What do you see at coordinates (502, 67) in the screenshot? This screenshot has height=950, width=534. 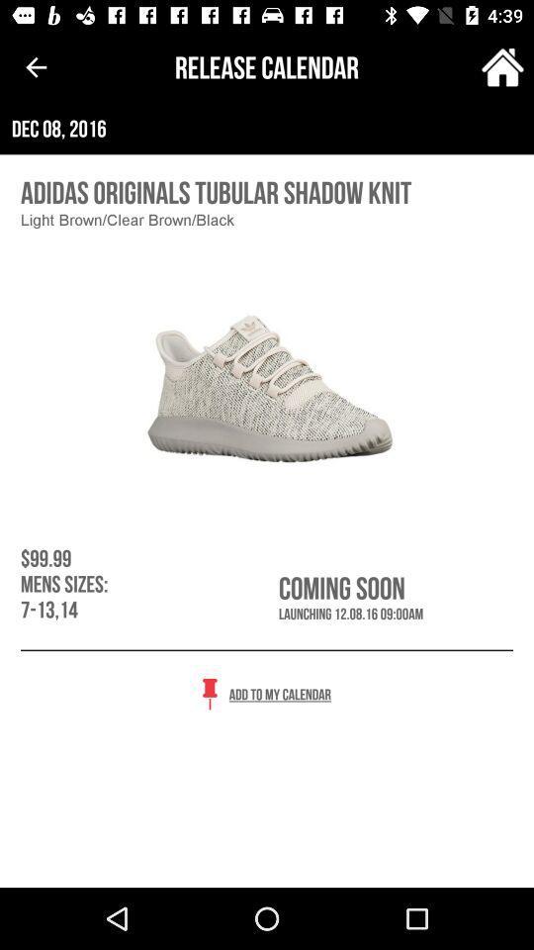 I see `the item at the top right corner` at bounding box center [502, 67].